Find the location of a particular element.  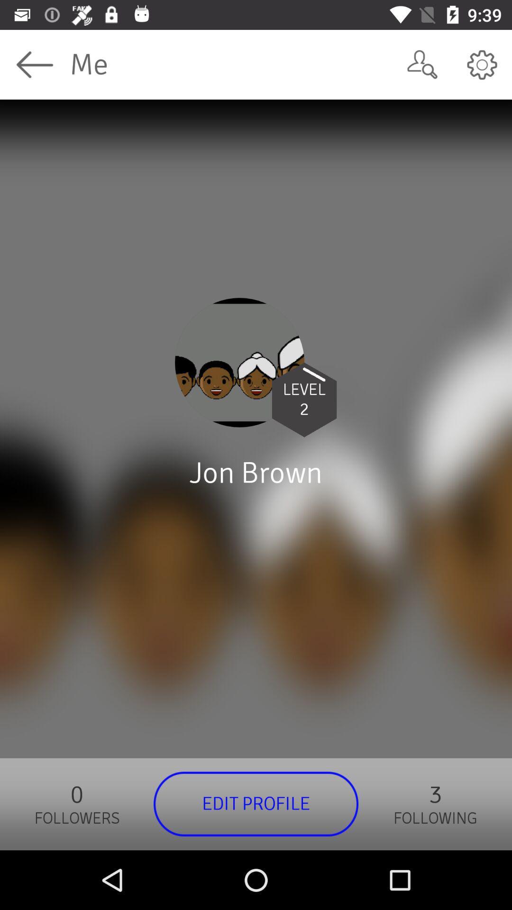

app to the right of 0 item is located at coordinates (256, 803).